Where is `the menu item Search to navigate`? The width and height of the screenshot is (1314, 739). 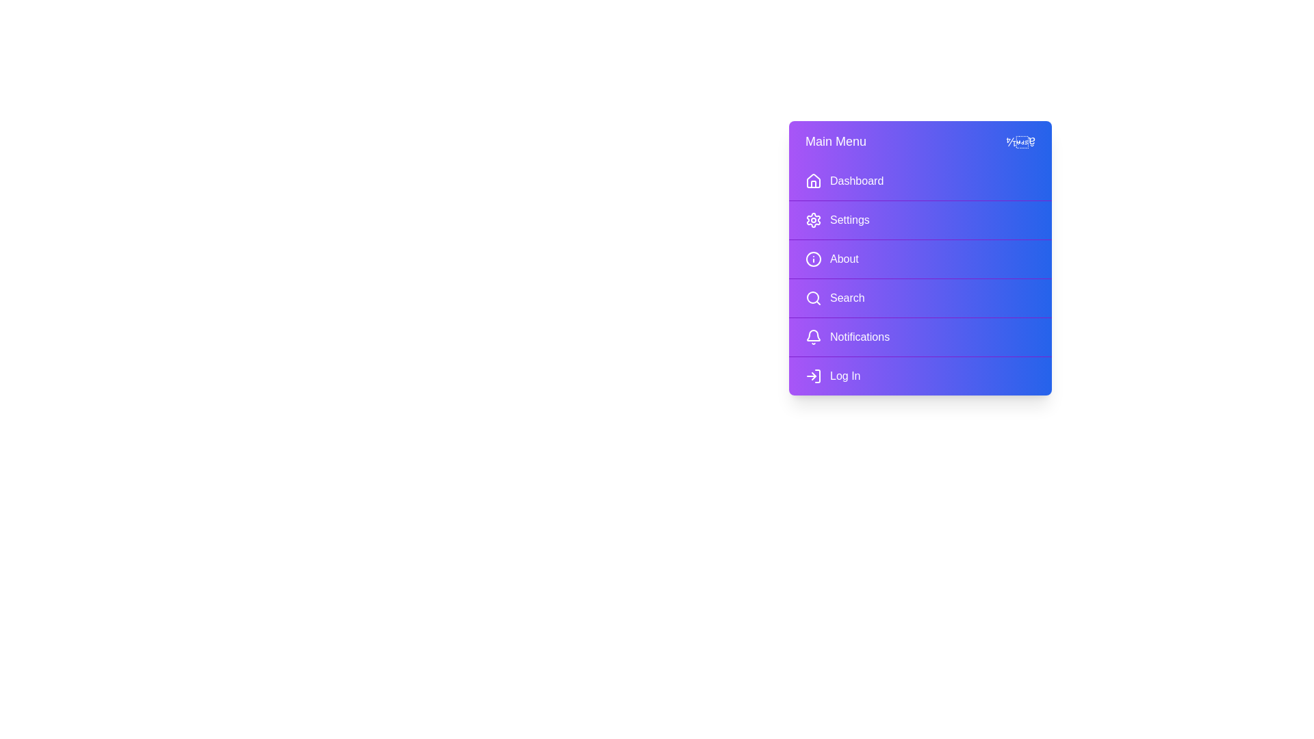
the menu item Search to navigate is located at coordinates (920, 297).